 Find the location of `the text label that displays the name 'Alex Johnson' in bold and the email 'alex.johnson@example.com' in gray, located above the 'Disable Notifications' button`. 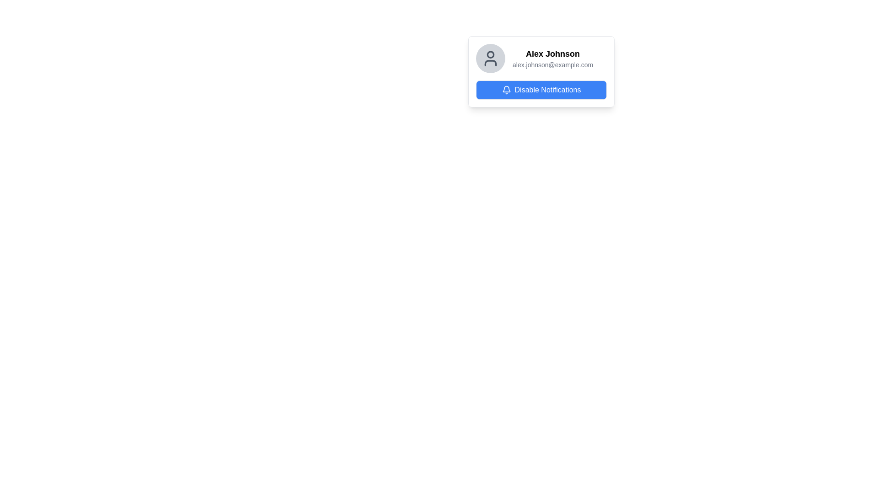

the text label that displays the name 'Alex Johnson' in bold and the email 'alex.johnson@example.com' in gray, located above the 'Disable Notifications' button is located at coordinates (552, 58).